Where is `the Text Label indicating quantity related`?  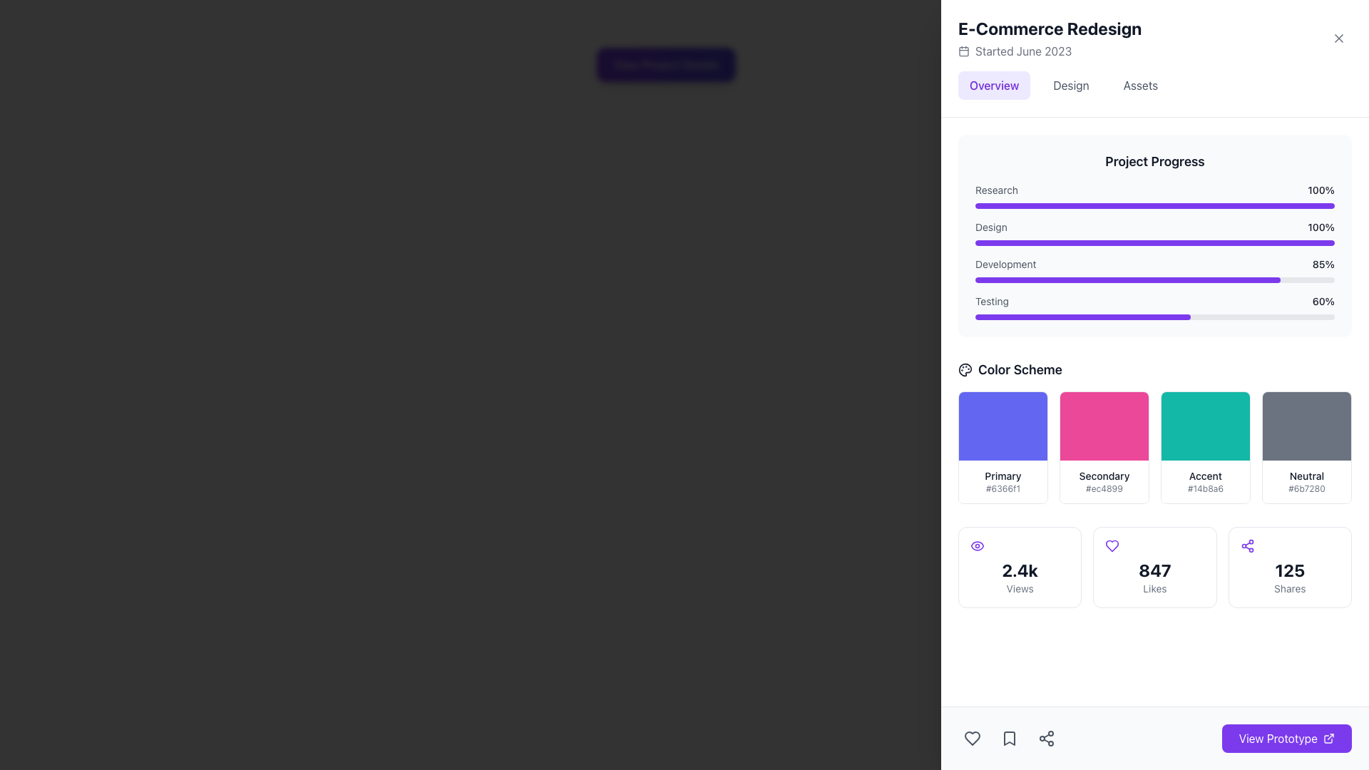
the Text Label indicating quantity related is located at coordinates (1019, 569).